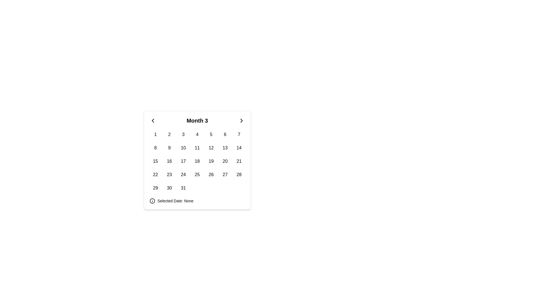 This screenshot has height=301, width=535. What do you see at coordinates (225, 174) in the screenshot?
I see `the non-interactive calendar date box displaying the number '27', which is located in the fourth row and sixth column of the calendar layout` at bounding box center [225, 174].